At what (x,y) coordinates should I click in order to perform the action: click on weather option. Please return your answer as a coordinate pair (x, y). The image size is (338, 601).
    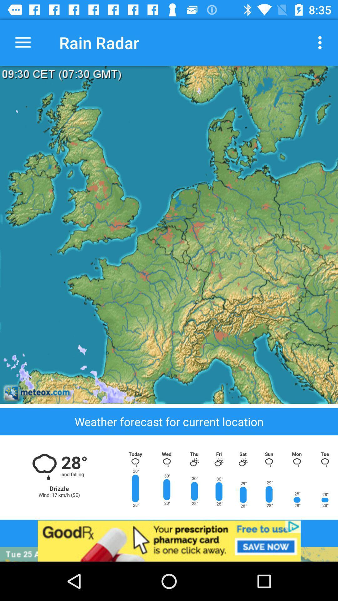
    Looking at the image, I should click on (169, 477).